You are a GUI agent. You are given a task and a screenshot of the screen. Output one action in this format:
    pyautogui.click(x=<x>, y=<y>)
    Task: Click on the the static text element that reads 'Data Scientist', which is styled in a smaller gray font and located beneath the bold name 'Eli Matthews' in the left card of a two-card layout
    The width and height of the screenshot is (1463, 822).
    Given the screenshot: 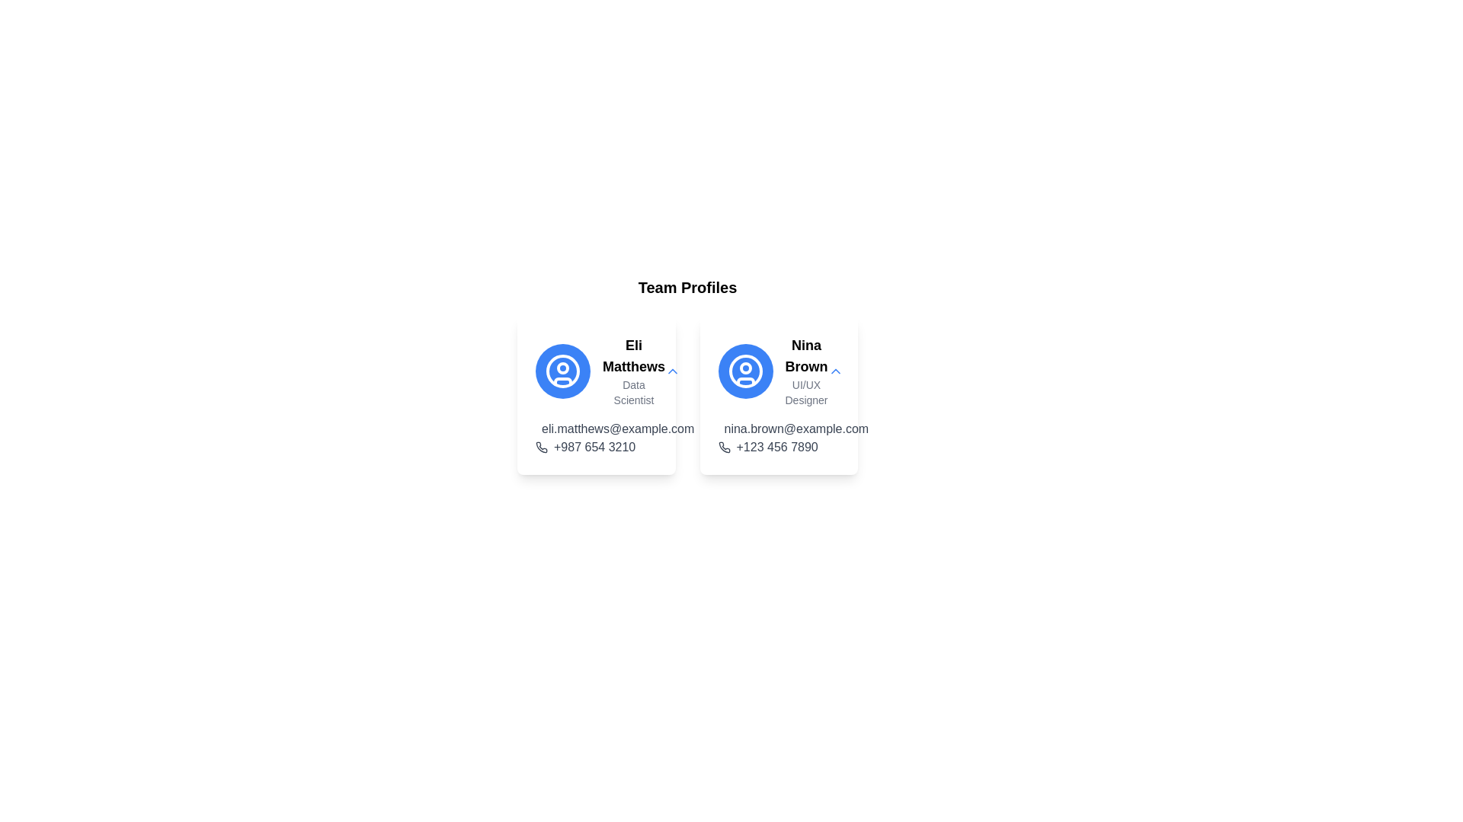 What is the action you would take?
    pyautogui.click(x=633, y=392)
    